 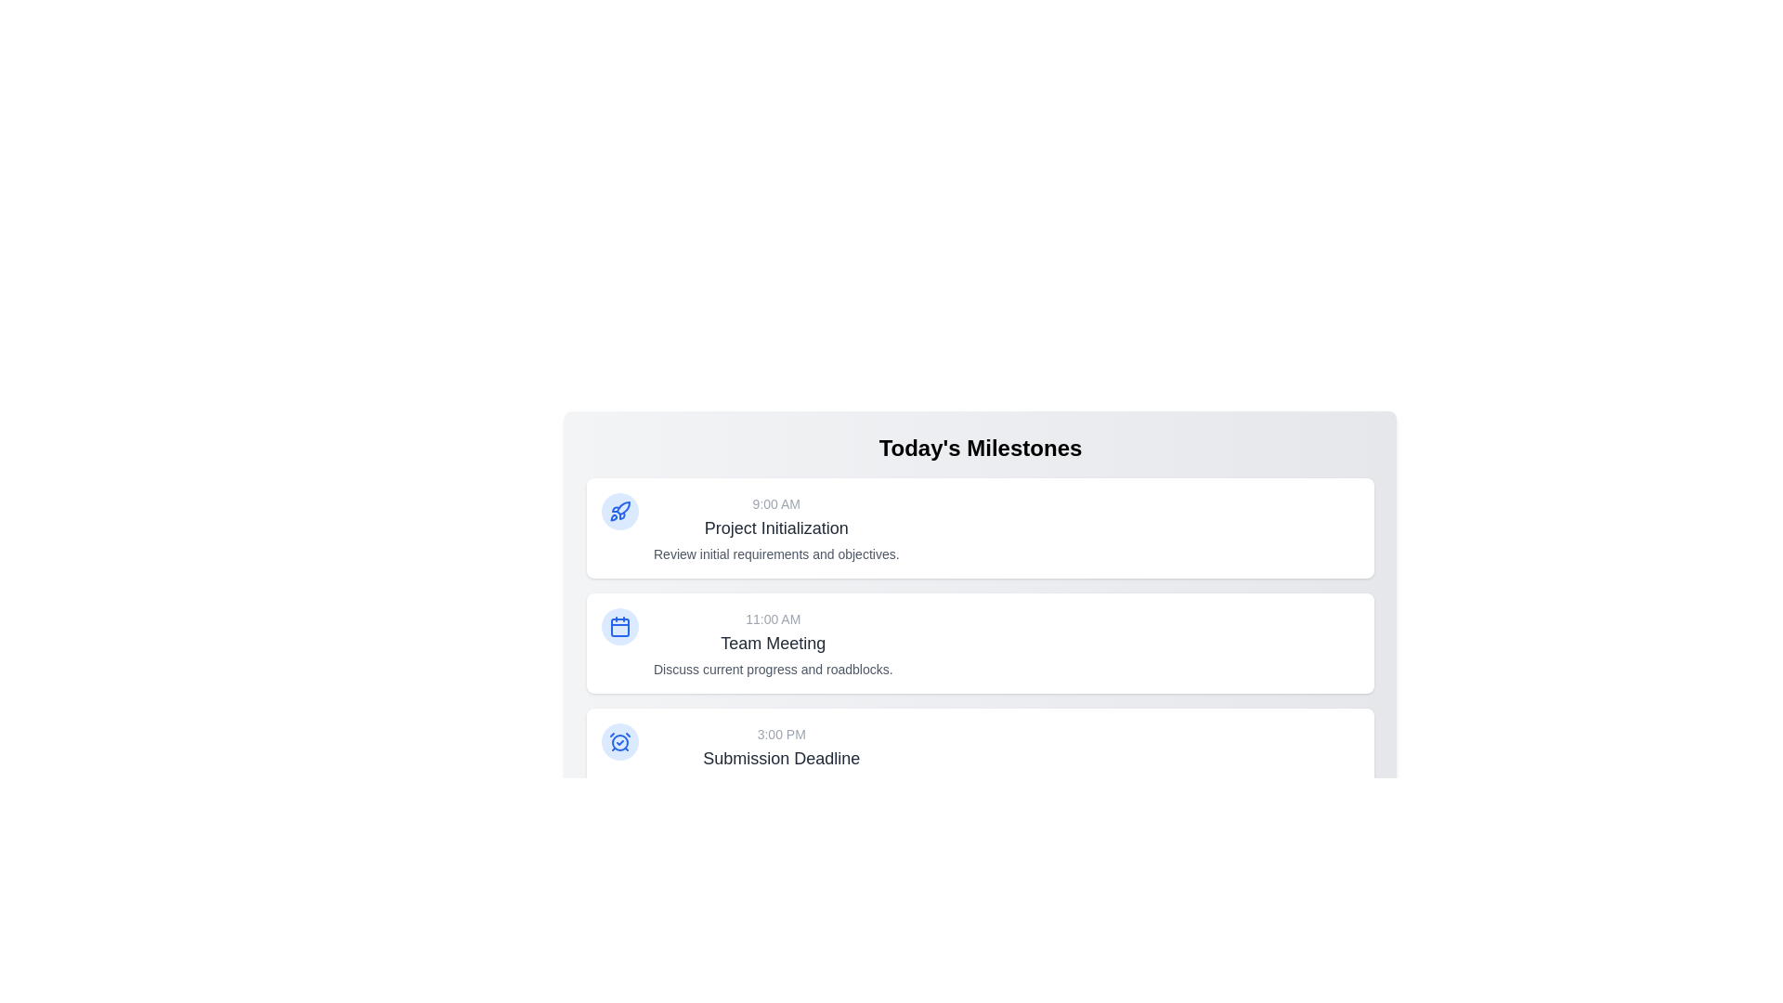 I want to click on the SVG-based rocket icon representing the 'Project Initialization' milestone located in a rounded, light-blue background on the left side of the milestone entry at 9:00 AM, so click(x=619, y=512).